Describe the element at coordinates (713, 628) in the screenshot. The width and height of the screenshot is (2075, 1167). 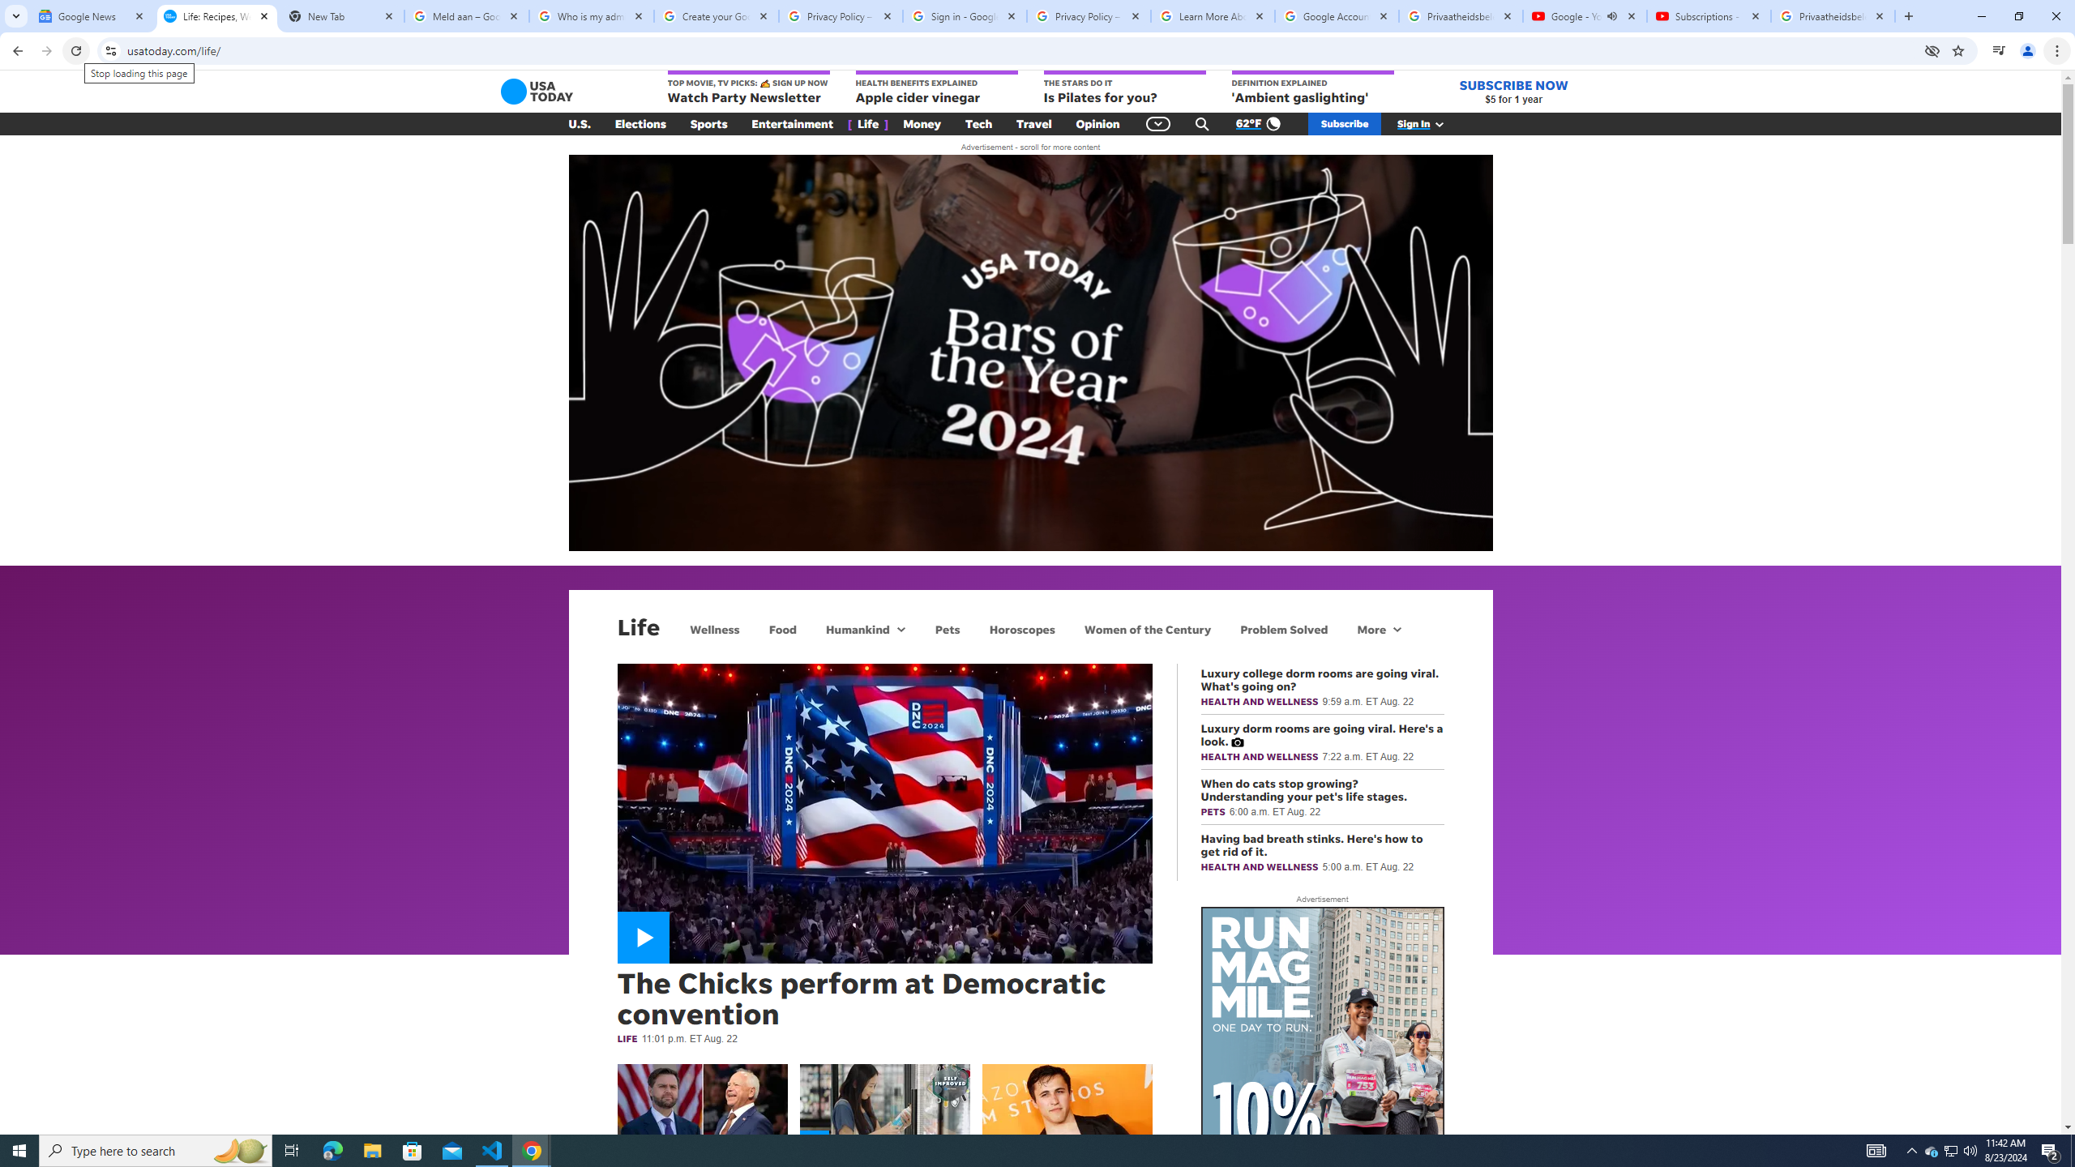
I see `'Wellness'` at that location.